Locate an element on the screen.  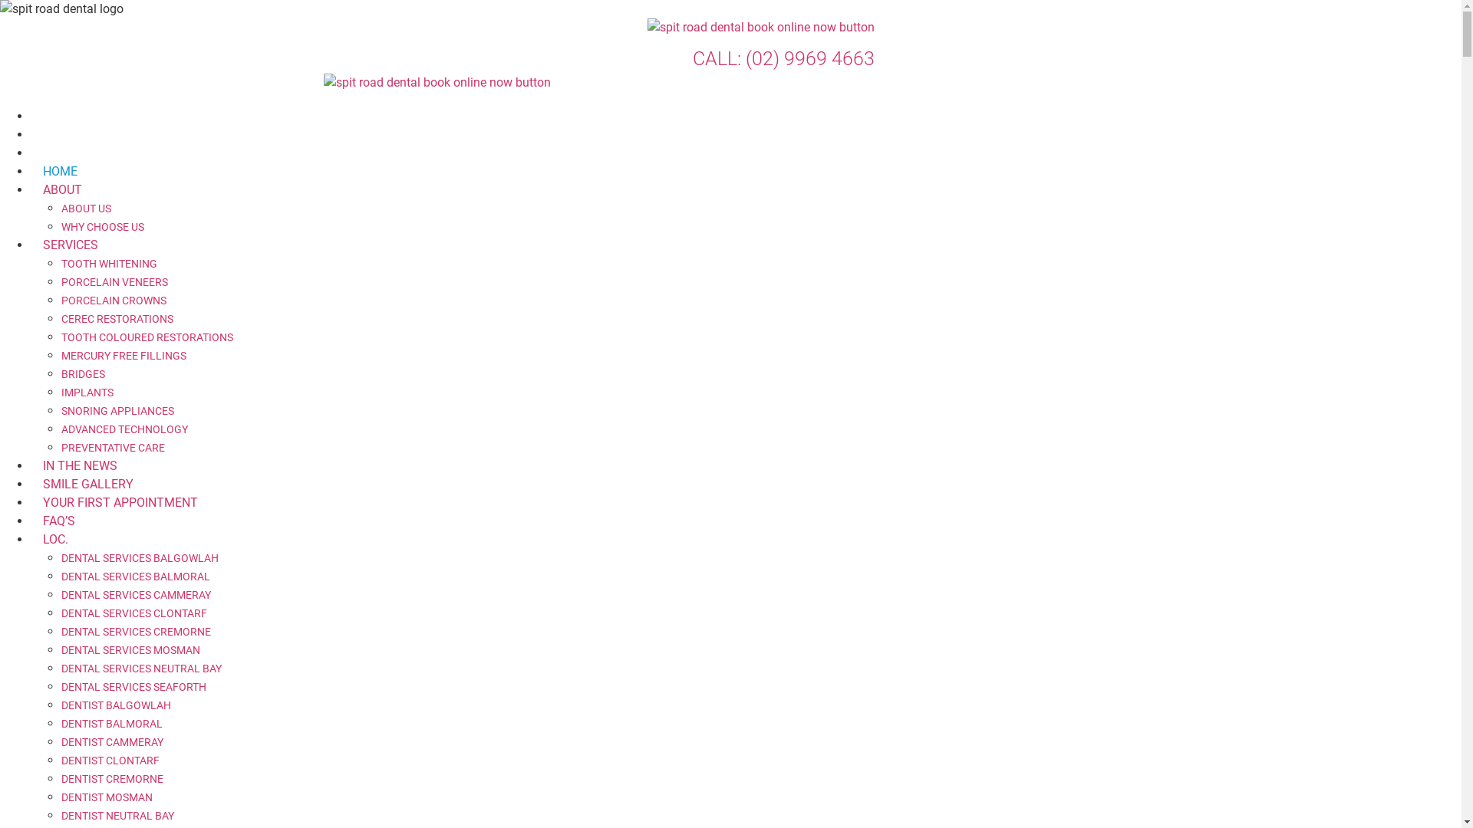
'DENTAL SERVICES SEAFORTH' is located at coordinates (133, 685).